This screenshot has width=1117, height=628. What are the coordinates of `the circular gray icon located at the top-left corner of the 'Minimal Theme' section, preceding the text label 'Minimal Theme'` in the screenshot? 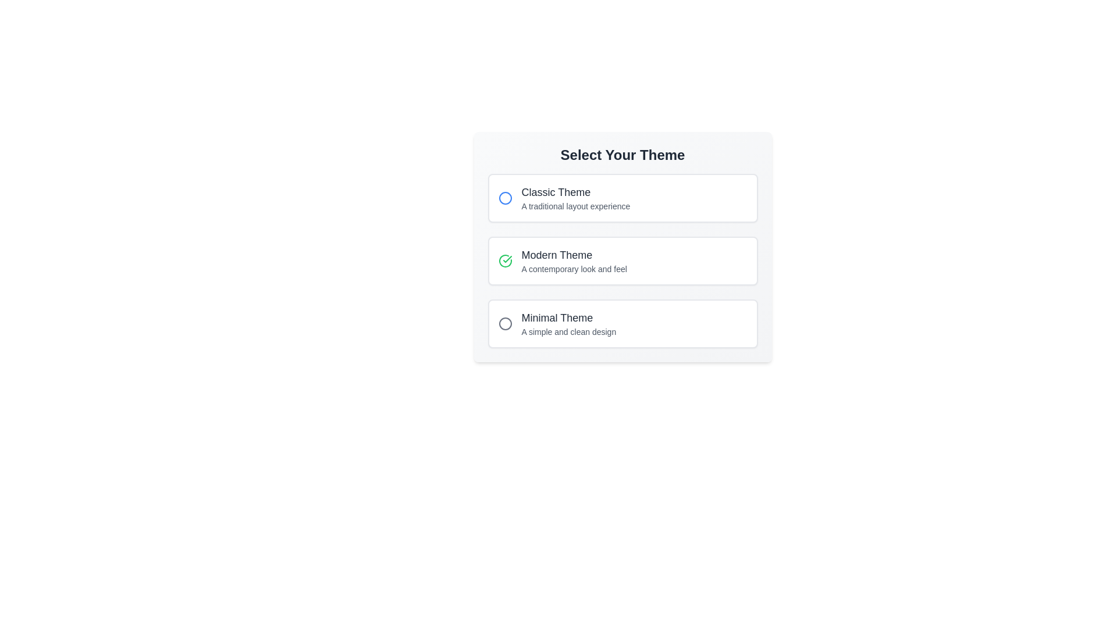 It's located at (505, 323).